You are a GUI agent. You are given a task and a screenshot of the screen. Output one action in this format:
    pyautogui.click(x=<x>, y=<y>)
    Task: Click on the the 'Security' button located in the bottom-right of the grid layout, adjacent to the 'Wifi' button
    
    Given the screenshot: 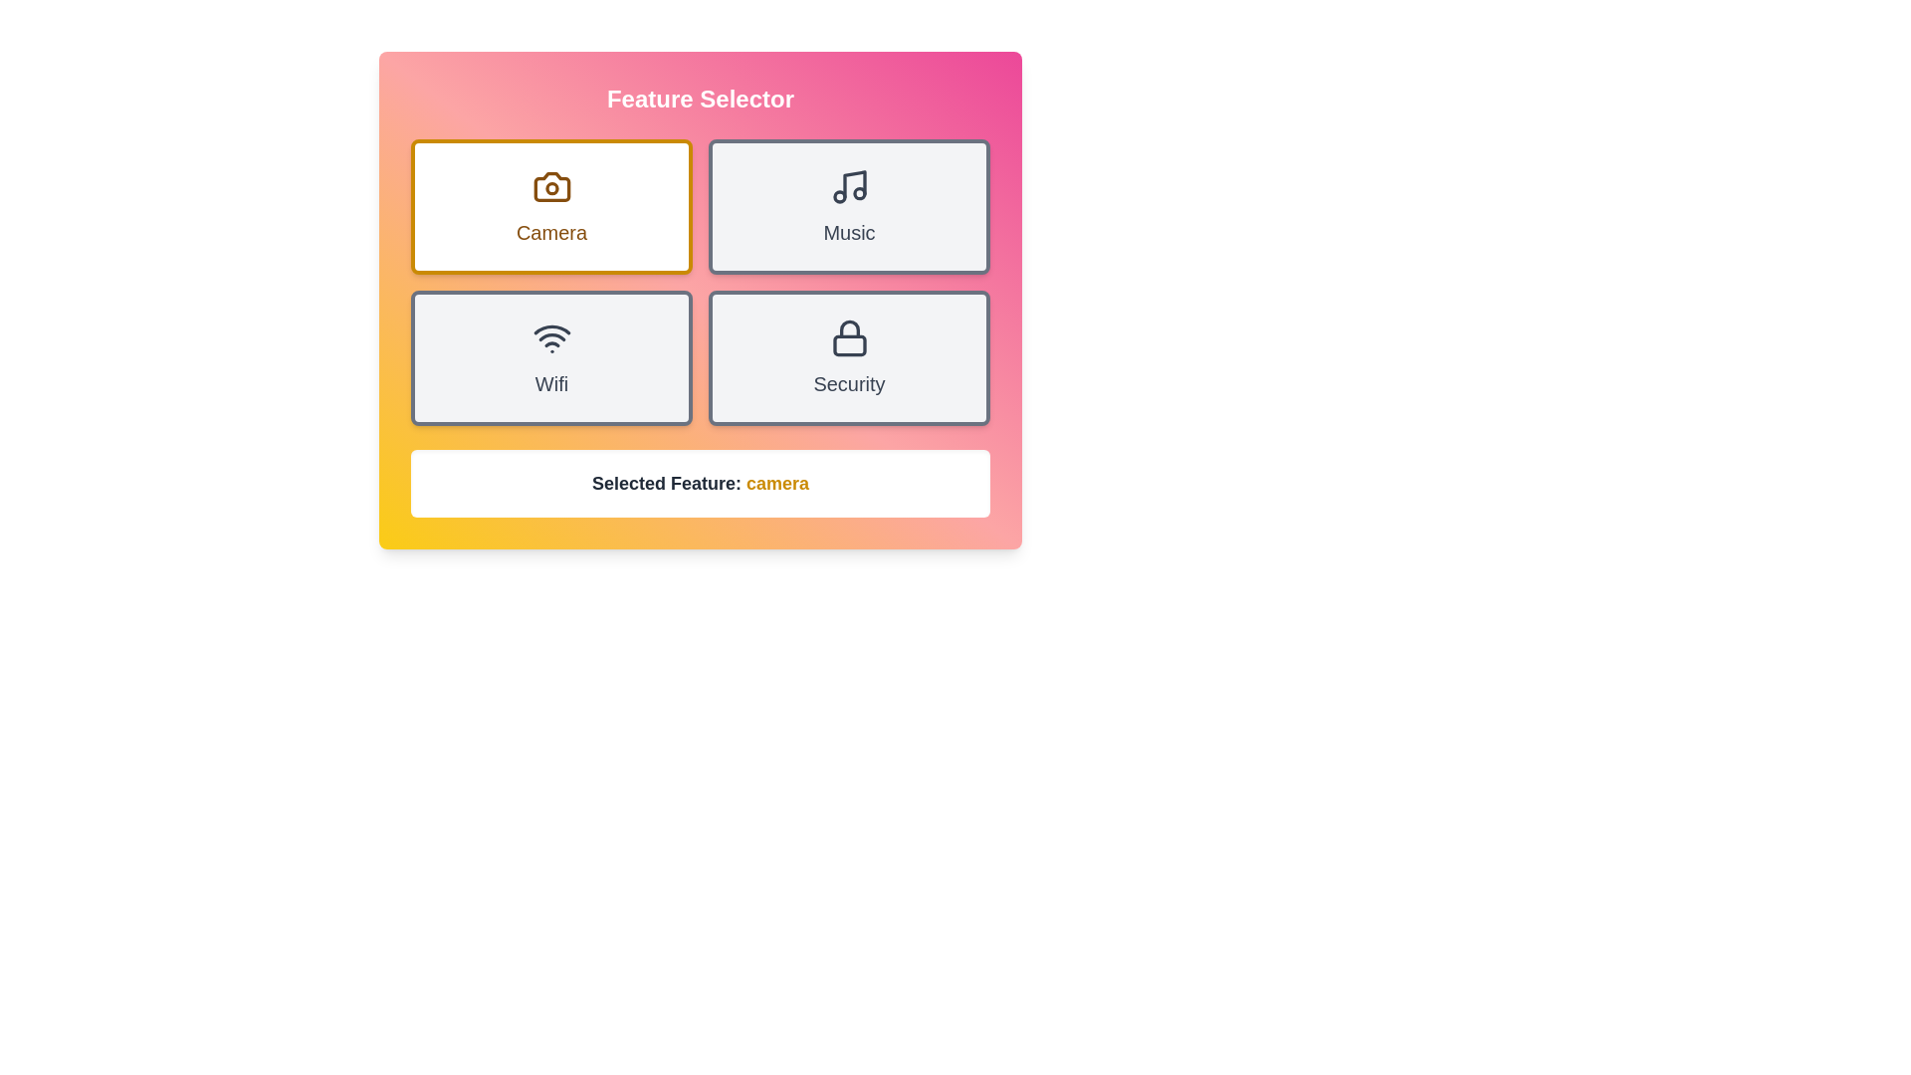 What is the action you would take?
    pyautogui.click(x=849, y=356)
    